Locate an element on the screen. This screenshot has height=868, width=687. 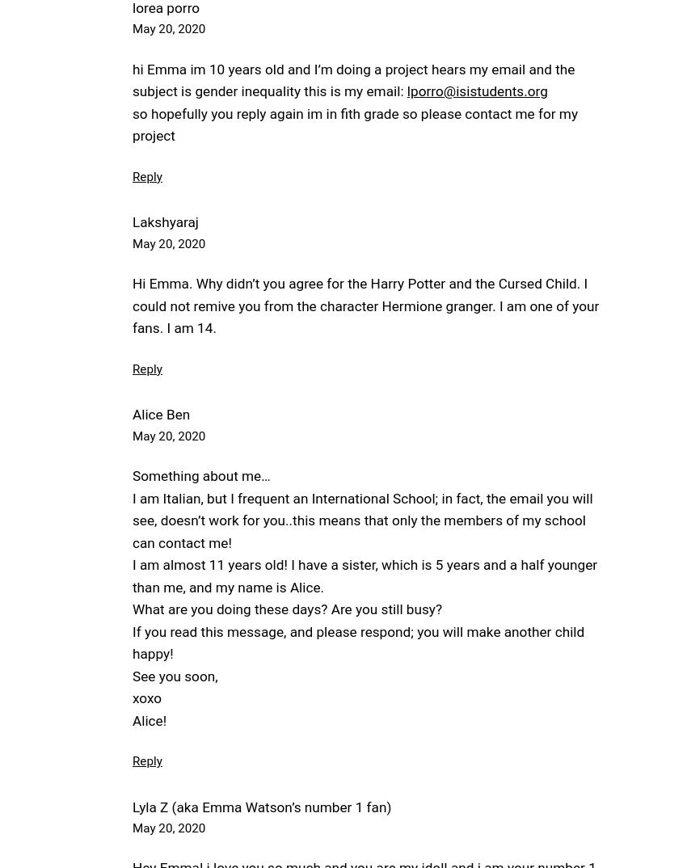
'Alice!' is located at coordinates (148, 718).